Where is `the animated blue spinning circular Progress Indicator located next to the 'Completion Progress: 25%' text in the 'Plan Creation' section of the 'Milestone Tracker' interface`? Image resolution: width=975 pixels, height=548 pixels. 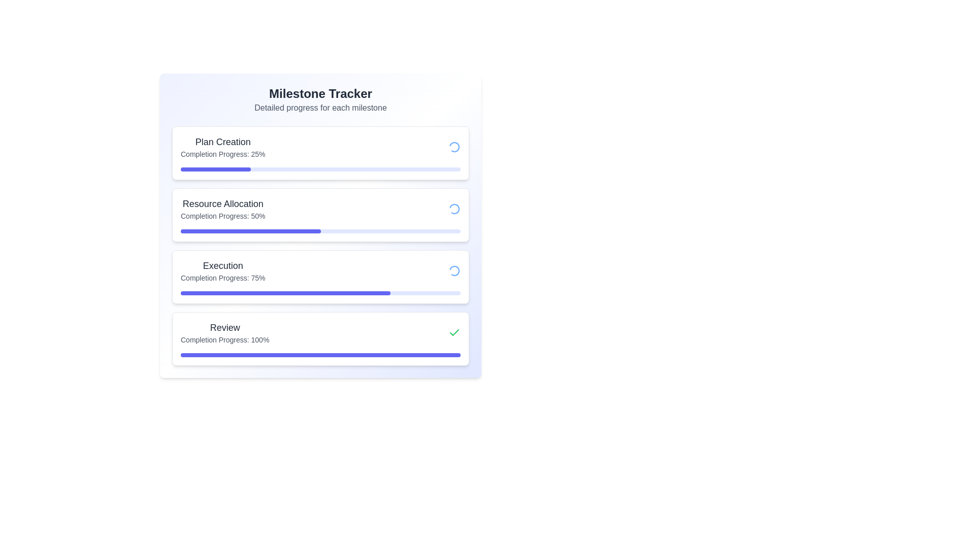 the animated blue spinning circular Progress Indicator located next to the 'Completion Progress: 25%' text in the 'Plan Creation' section of the 'Milestone Tracker' interface is located at coordinates (453, 147).